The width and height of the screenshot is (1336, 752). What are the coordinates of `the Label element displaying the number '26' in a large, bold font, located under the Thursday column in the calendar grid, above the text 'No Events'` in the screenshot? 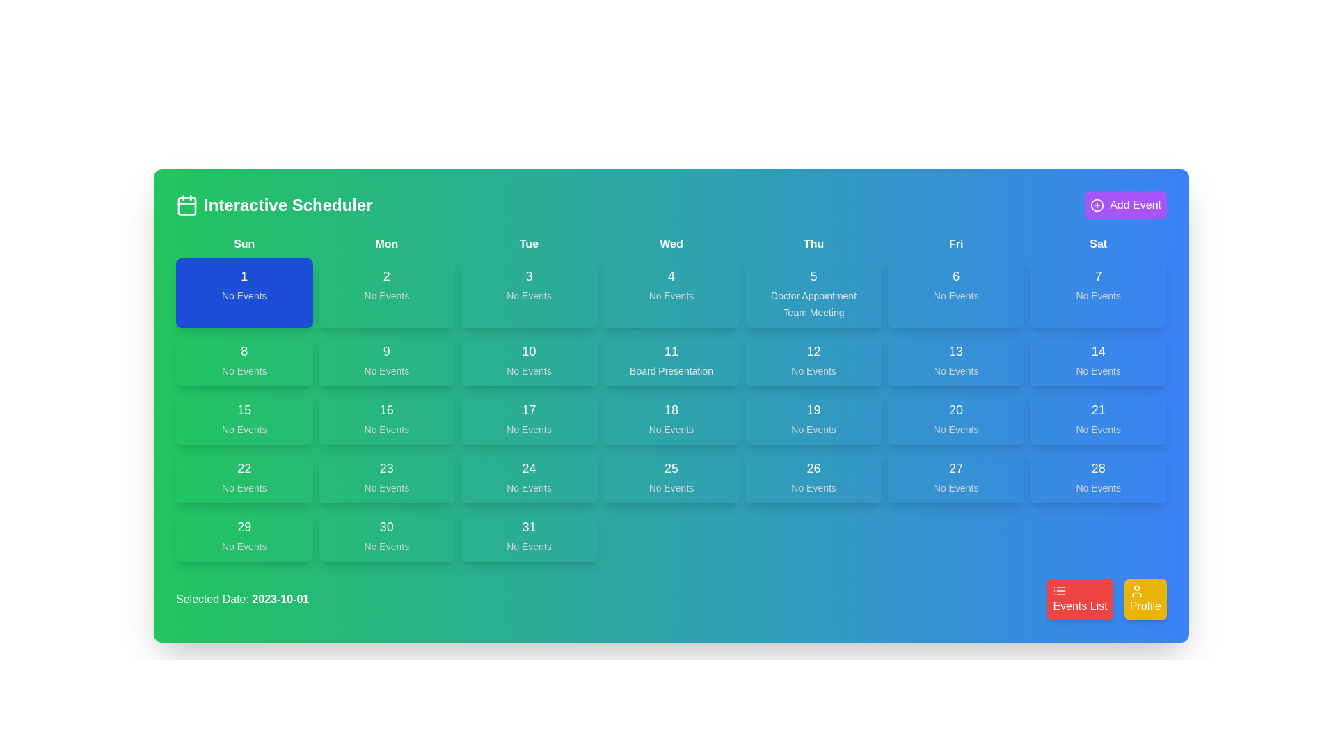 It's located at (813, 468).